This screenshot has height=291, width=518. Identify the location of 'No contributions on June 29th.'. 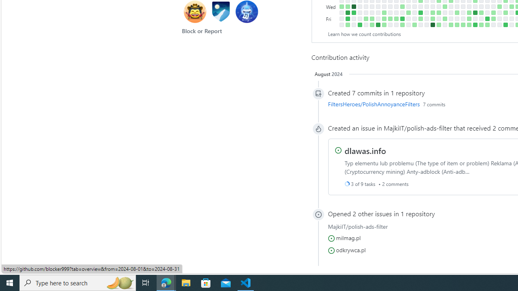
(493, 24).